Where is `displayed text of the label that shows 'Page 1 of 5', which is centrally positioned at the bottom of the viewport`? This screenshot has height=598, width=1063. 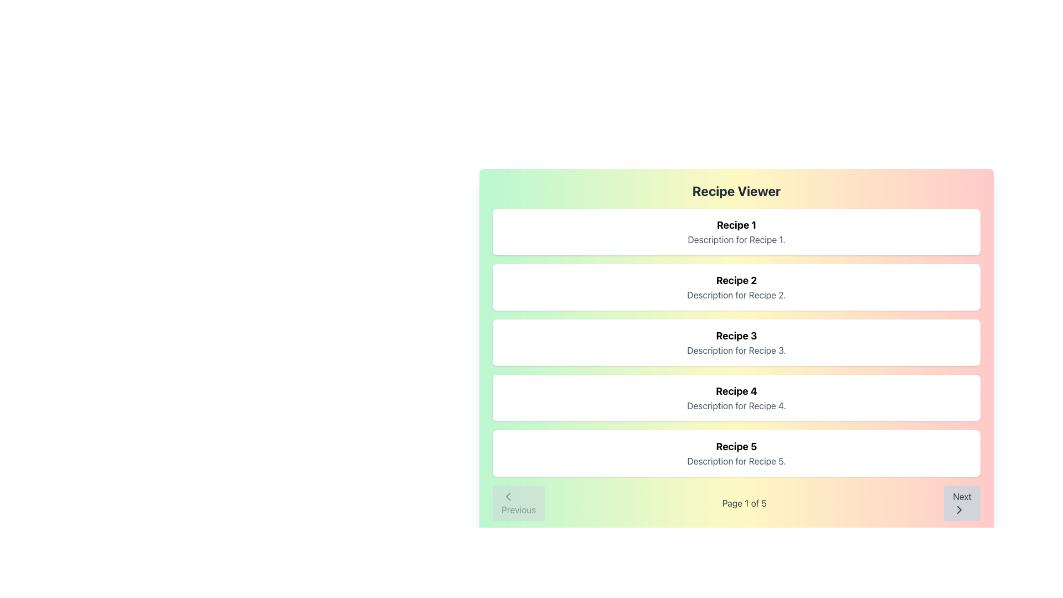 displayed text of the label that shows 'Page 1 of 5', which is centrally positioned at the bottom of the viewport is located at coordinates (744, 503).